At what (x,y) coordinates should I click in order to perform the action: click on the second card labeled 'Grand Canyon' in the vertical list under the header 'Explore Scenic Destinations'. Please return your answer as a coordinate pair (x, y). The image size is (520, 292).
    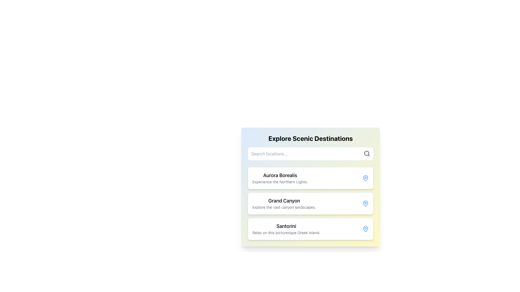
    Looking at the image, I should click on (311, 203).